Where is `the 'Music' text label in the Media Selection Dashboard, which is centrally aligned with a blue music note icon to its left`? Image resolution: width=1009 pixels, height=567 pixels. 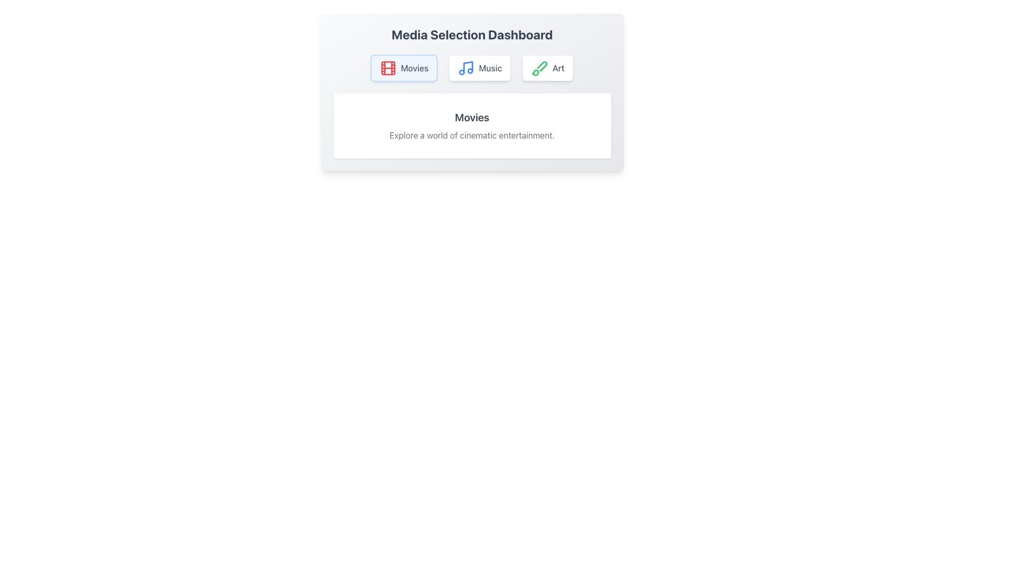 the 'Music' text label in the Media Selection Dashboard, which is centrally aligned with a blue music note icon to its left is located at coordinates (490, 68).